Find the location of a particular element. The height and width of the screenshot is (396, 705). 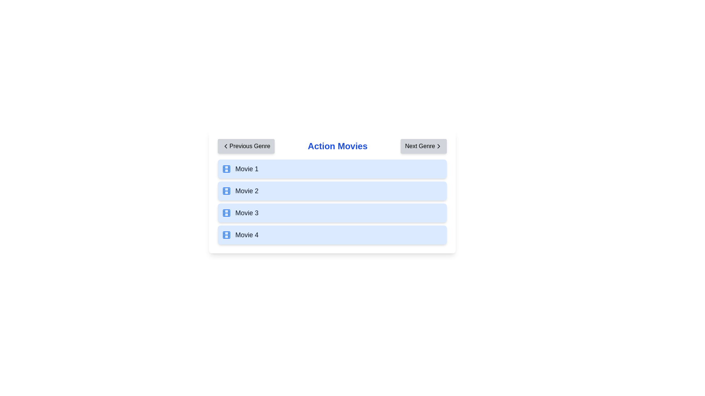

the 'Next Genre' button, which is a rectangular button with bold text, a gray background, rounded corners, and a right-pointing chevron icon, located at the far right of the interface is located at coordinates (424, 146).